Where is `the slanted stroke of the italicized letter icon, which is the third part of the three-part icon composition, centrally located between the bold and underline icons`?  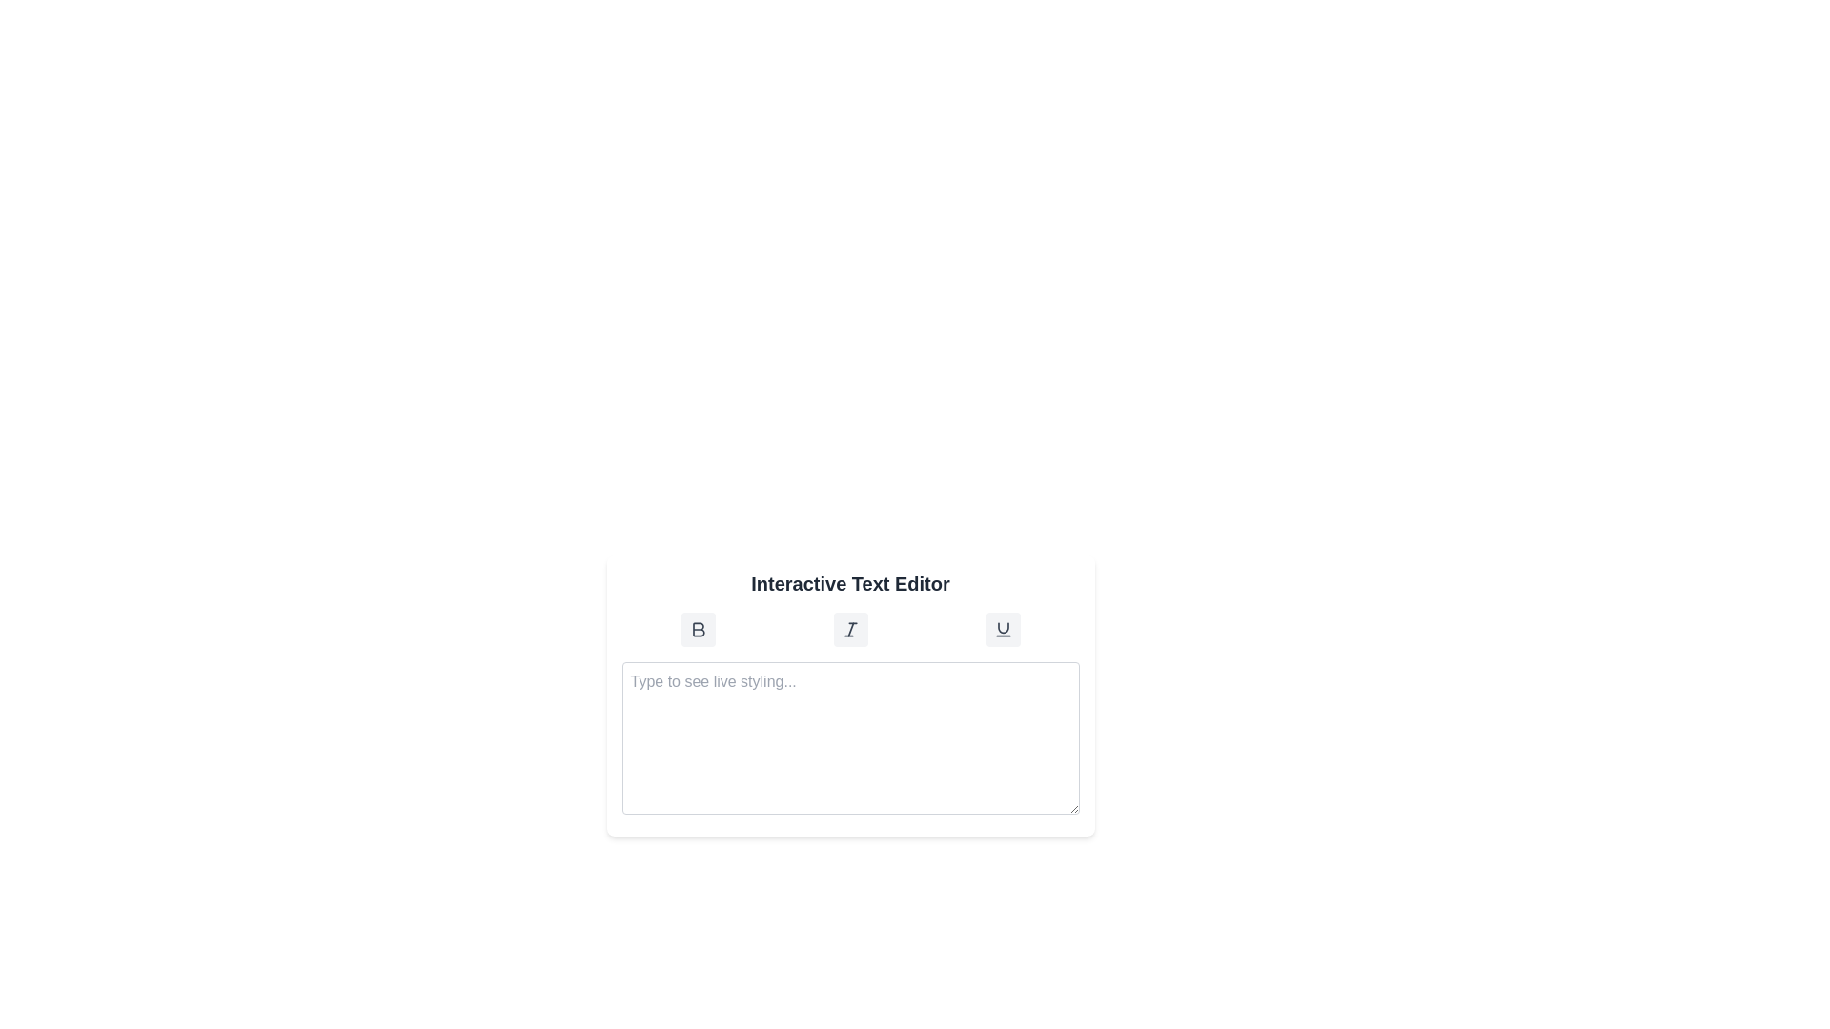 the slanted stroke of the italicized letter icon, which is the third part of the three-part icon composition, centrally located between the bold and underline icons is located at coordinates (849, 629).